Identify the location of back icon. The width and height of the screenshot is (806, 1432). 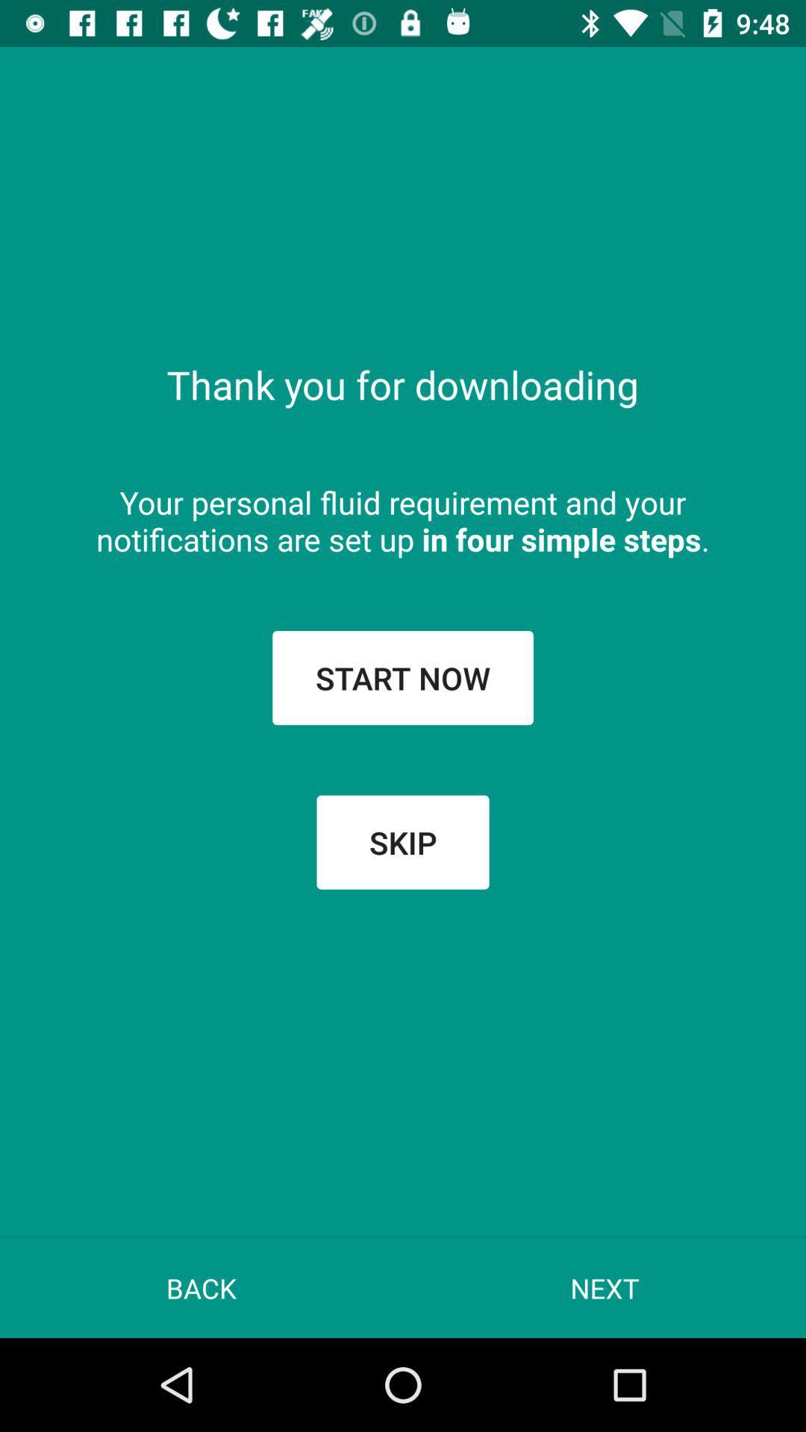
(201, 1287).